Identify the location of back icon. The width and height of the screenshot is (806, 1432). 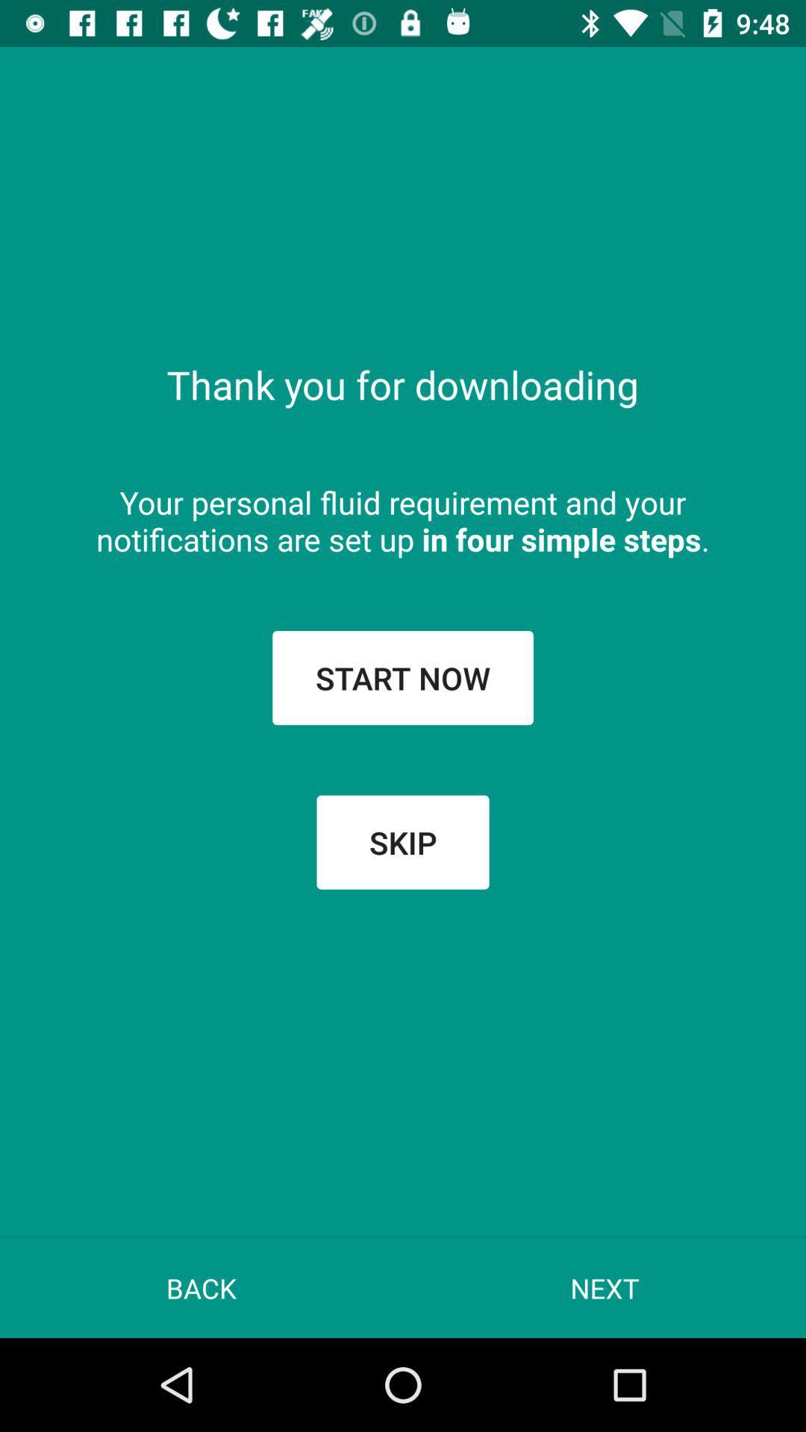
(201, 1287).